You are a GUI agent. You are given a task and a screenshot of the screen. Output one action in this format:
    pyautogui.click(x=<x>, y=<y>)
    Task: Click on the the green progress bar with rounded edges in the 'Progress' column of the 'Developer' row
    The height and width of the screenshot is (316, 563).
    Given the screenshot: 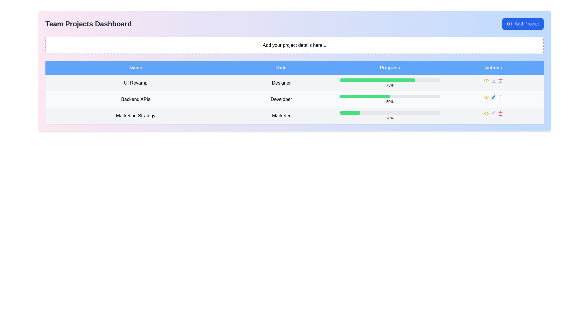 What is the action you would take?
    pyautogui.click(x=364, y=96)
    